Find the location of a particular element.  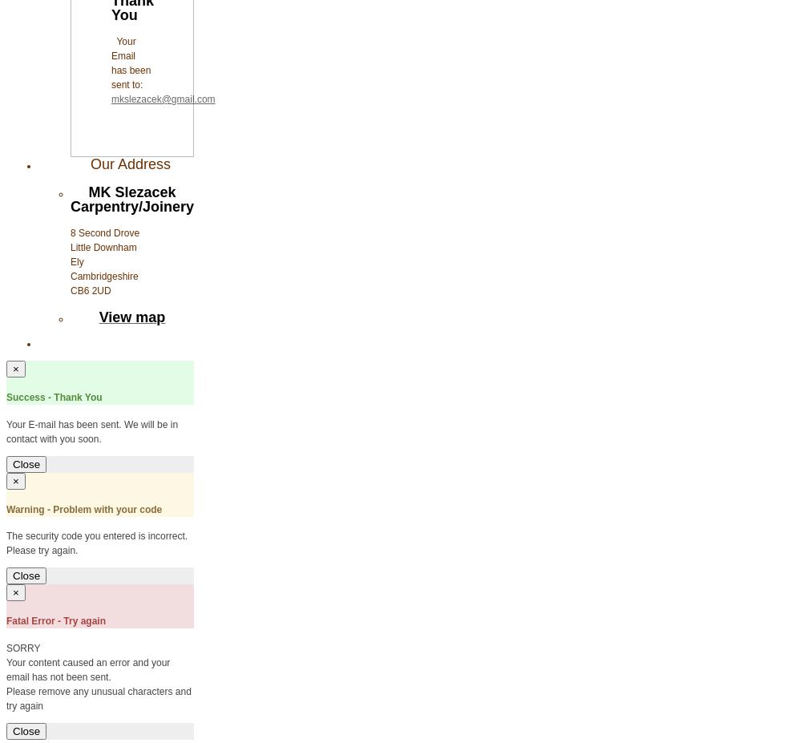

'The security code you entered is incorrect.  Please try again.' is located at coordinates (96, 543).